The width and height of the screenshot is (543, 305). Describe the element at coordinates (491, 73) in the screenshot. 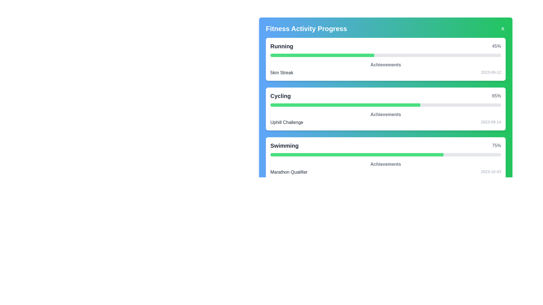

I see `the text label displaying the date '2023-09-12' located on the right side of the row labeled '5km Streak' in the 'Running' section of the 'Fitness Activity Progress' interface` at that location.